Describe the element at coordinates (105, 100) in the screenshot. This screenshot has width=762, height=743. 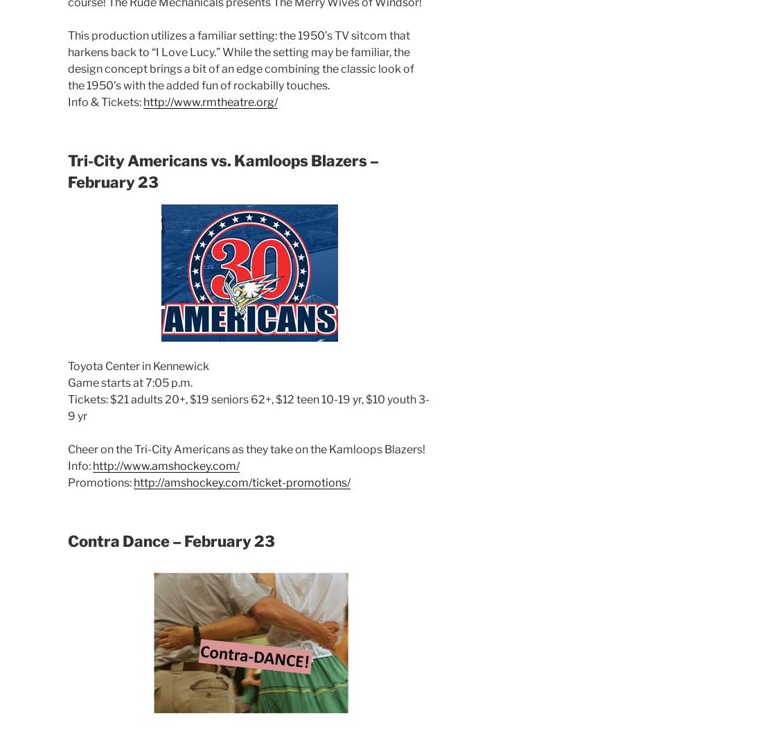
I see `'Info & Tickets:'` at that location.